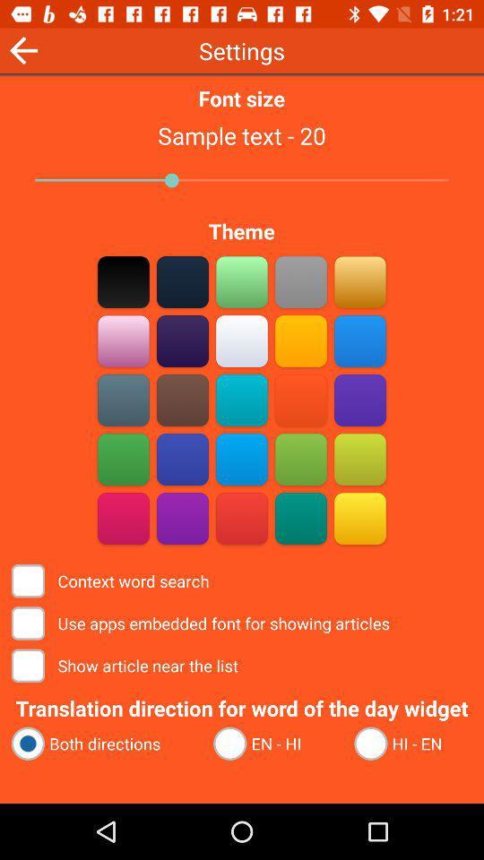 This screenshot has height=860, width=484. I want to click on item below translation direction for item, so click(104, 744).